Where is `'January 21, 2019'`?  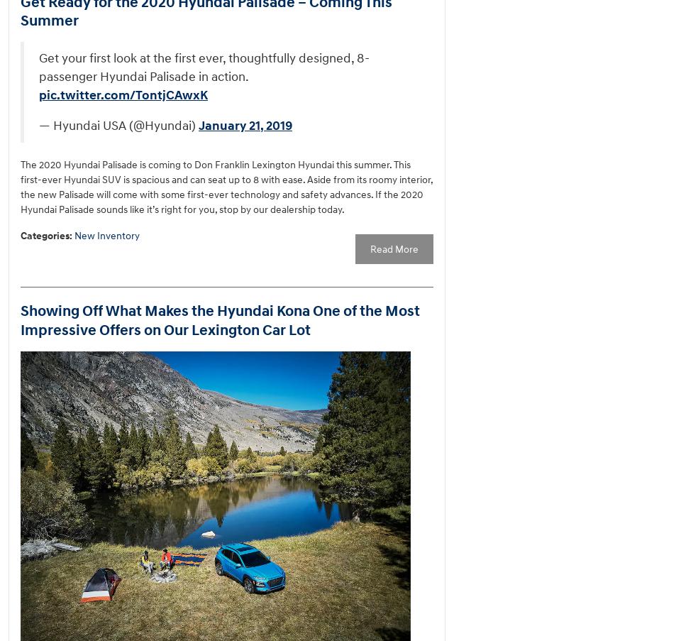
'January 21, 2019' is located at coordinates (245, 124).